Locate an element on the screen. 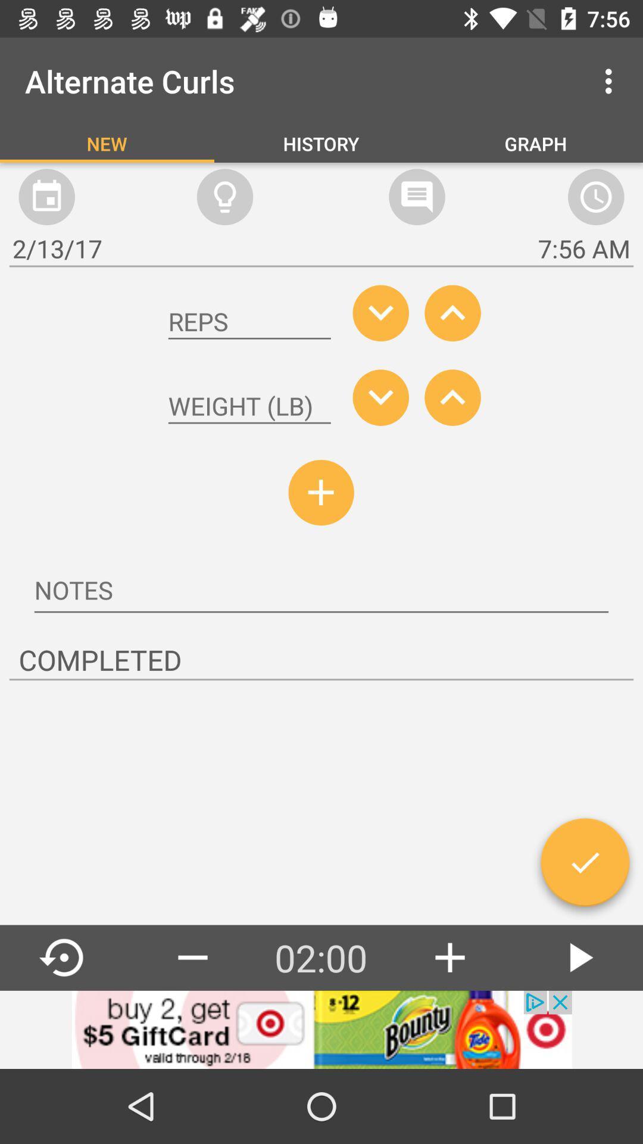  placeholder to update weight is located at coordinates (249, 406).